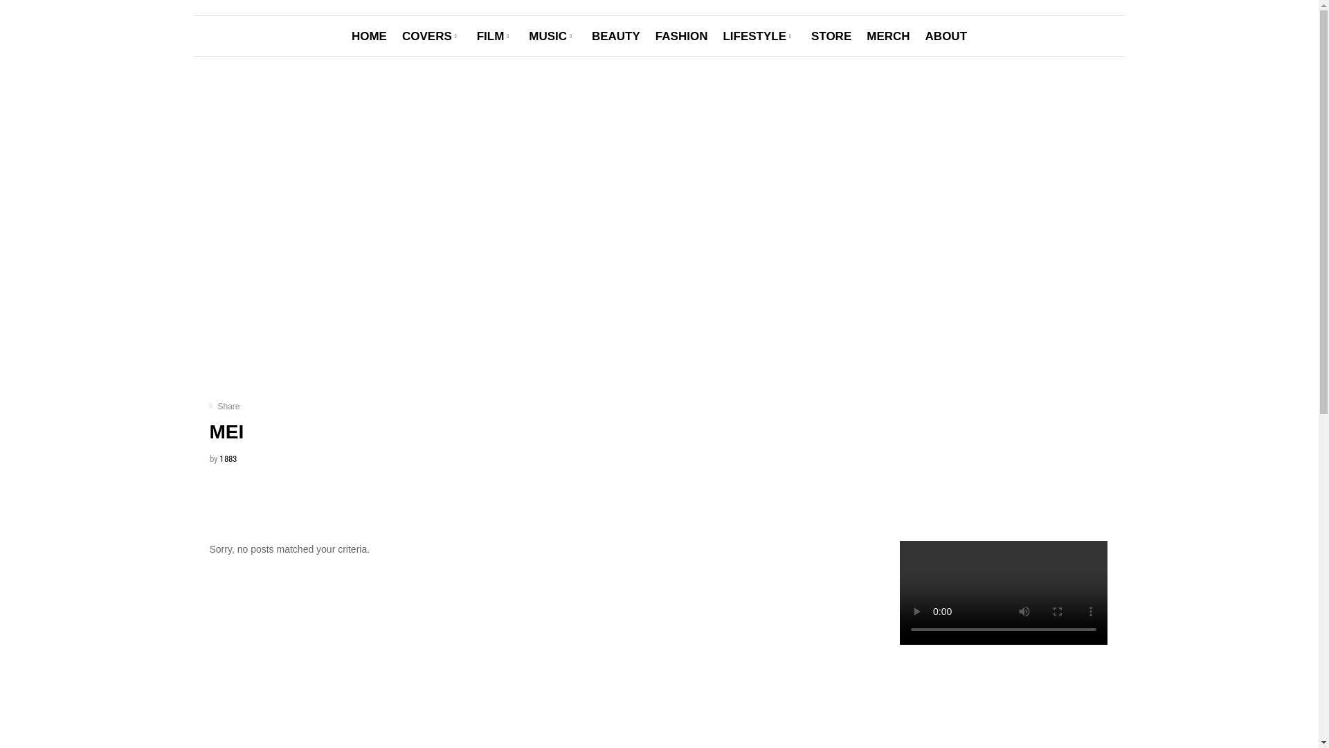 The width and height of the screenshot is (1329, 748). I want to click on 'BEAUTY', so click(615, 35).